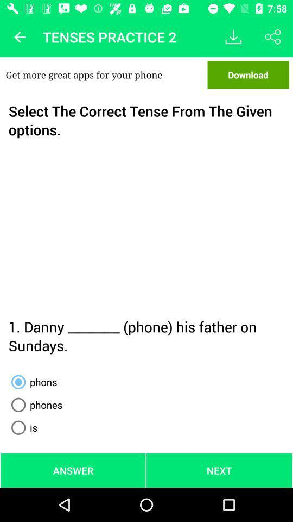 The image size is (293, 522). What do you see at coordinates (32, 382) in the screenshot?
I see `the item below the 1 danny ________ icon` at bounding box center [32, 382].